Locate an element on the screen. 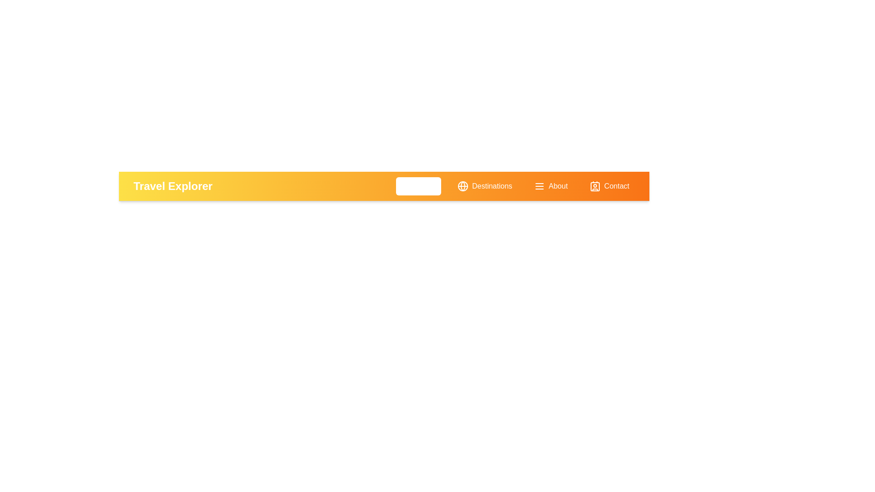 The image size is (875, 492). the navigation button with an icon and text label is located at coordinates (484, 185).